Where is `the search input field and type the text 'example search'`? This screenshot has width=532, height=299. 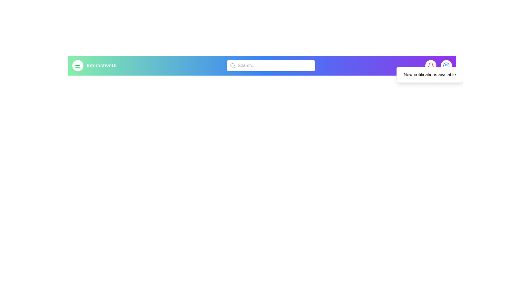
the search input field and type the text 'example search' is located at coordinates (271, 65).